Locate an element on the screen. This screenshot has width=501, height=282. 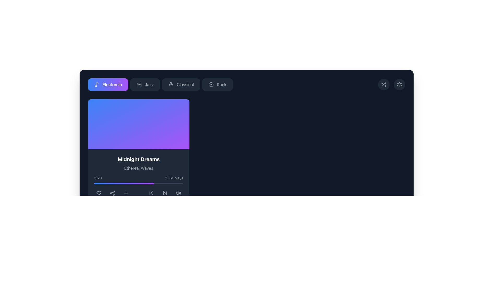
the static text label indicating the music genre 'Rock', which is part of a horizontal navigation bar and positioned to the right of 'Classical' and 'Jazz' is located at coordinates (222, 84).